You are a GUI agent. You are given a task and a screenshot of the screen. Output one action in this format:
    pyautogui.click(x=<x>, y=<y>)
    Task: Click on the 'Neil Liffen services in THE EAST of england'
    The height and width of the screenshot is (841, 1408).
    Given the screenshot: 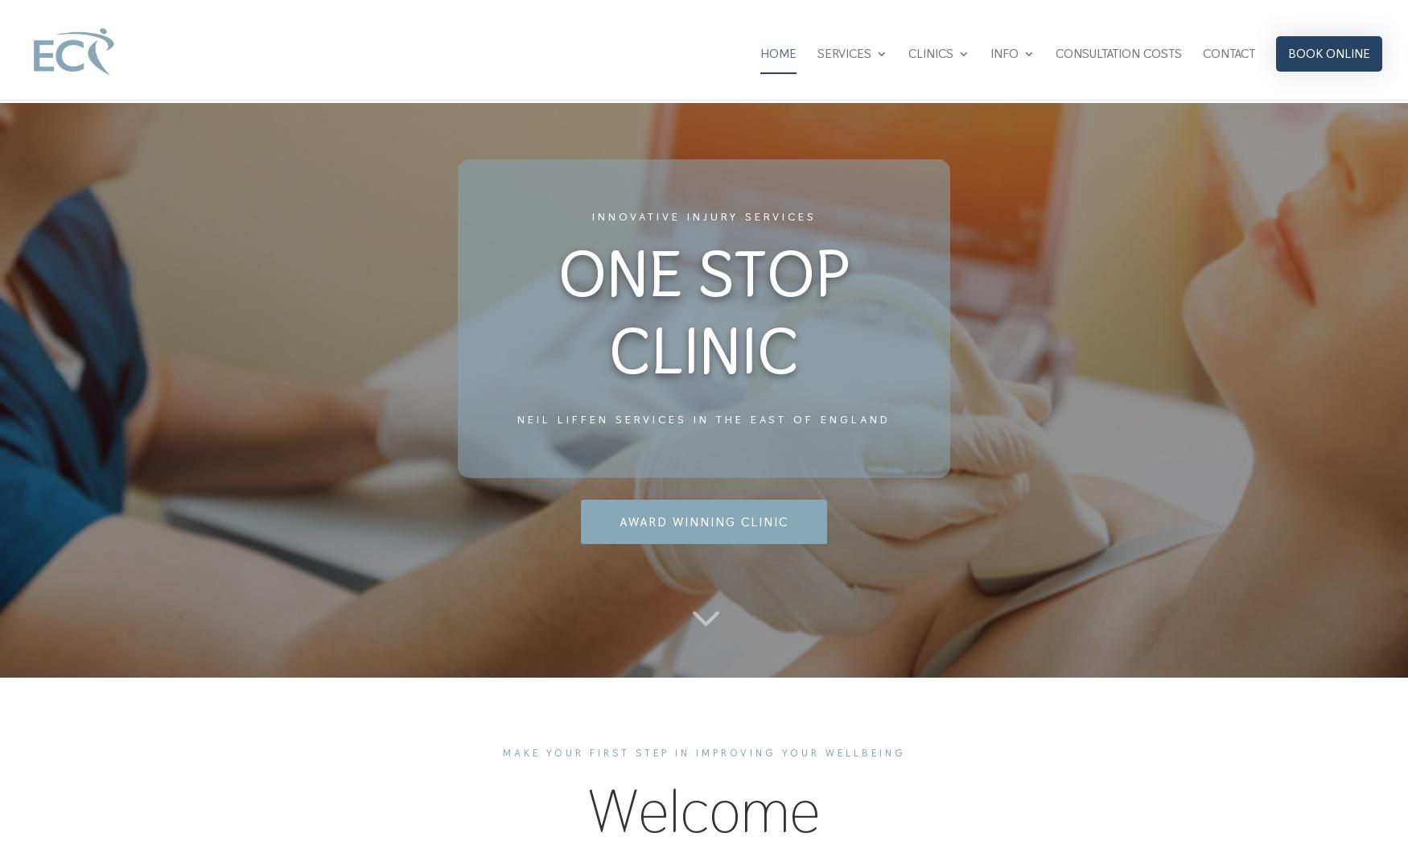 What is the action you would take?
    pyautogui.click(x=704, y=417)
    